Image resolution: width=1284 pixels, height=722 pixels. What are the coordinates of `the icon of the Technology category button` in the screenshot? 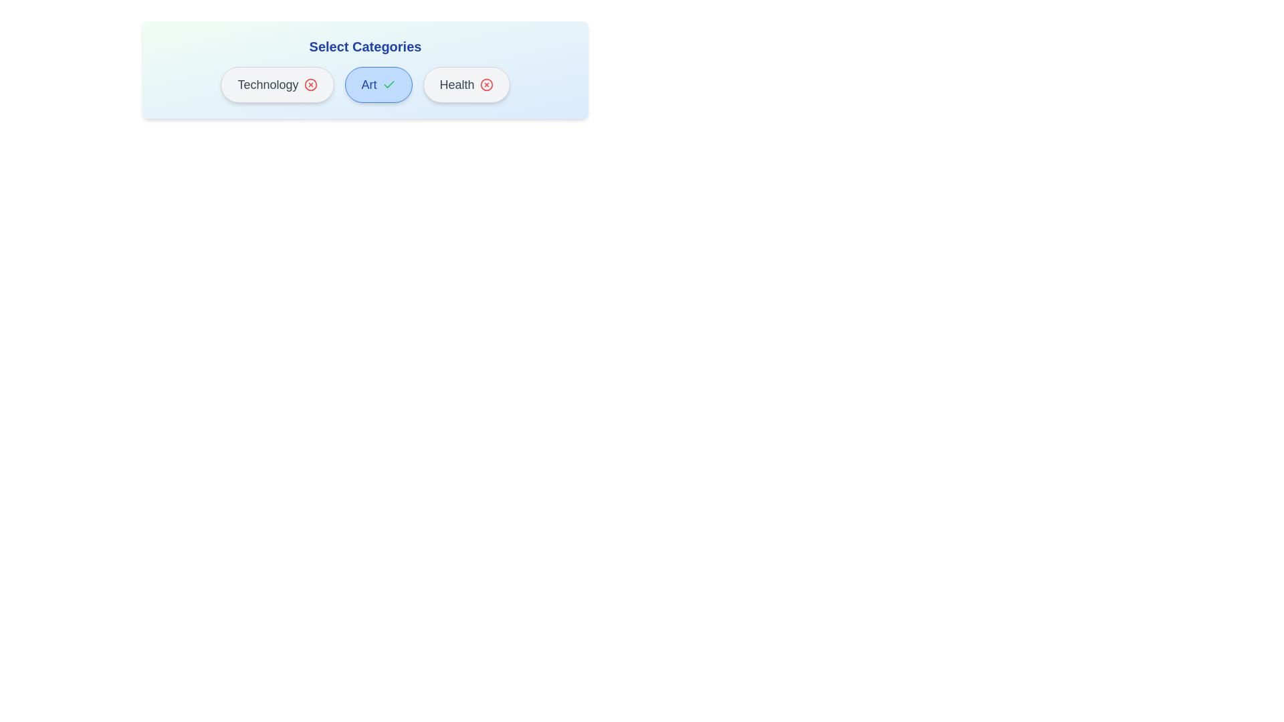 It's located at (310, 85).